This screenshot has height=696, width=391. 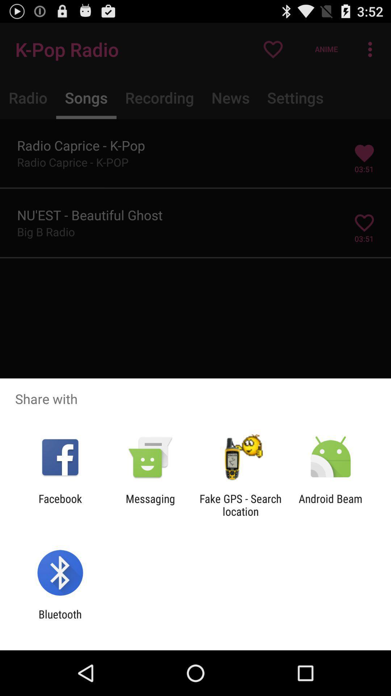 I want to click on fake gps search, so click(x=240, y=505).